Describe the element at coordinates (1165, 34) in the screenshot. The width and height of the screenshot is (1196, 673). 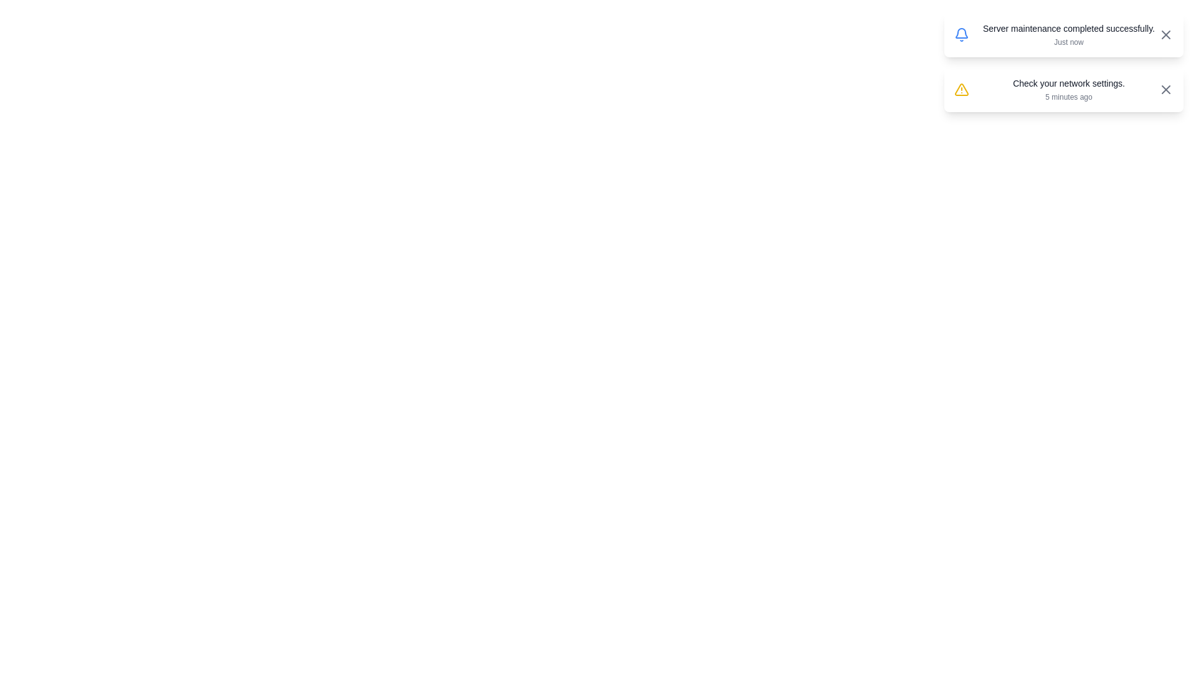
I see `the close button of the alert titled 'Server maintenance completed successfully.'` at that location.